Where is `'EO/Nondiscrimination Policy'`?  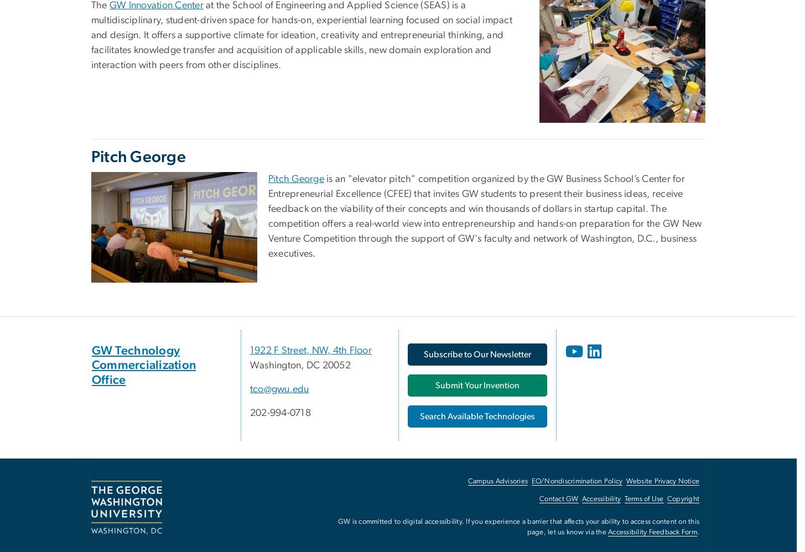 'EO/Nondiscrimination Policy' is located at coordinates (576, 480).